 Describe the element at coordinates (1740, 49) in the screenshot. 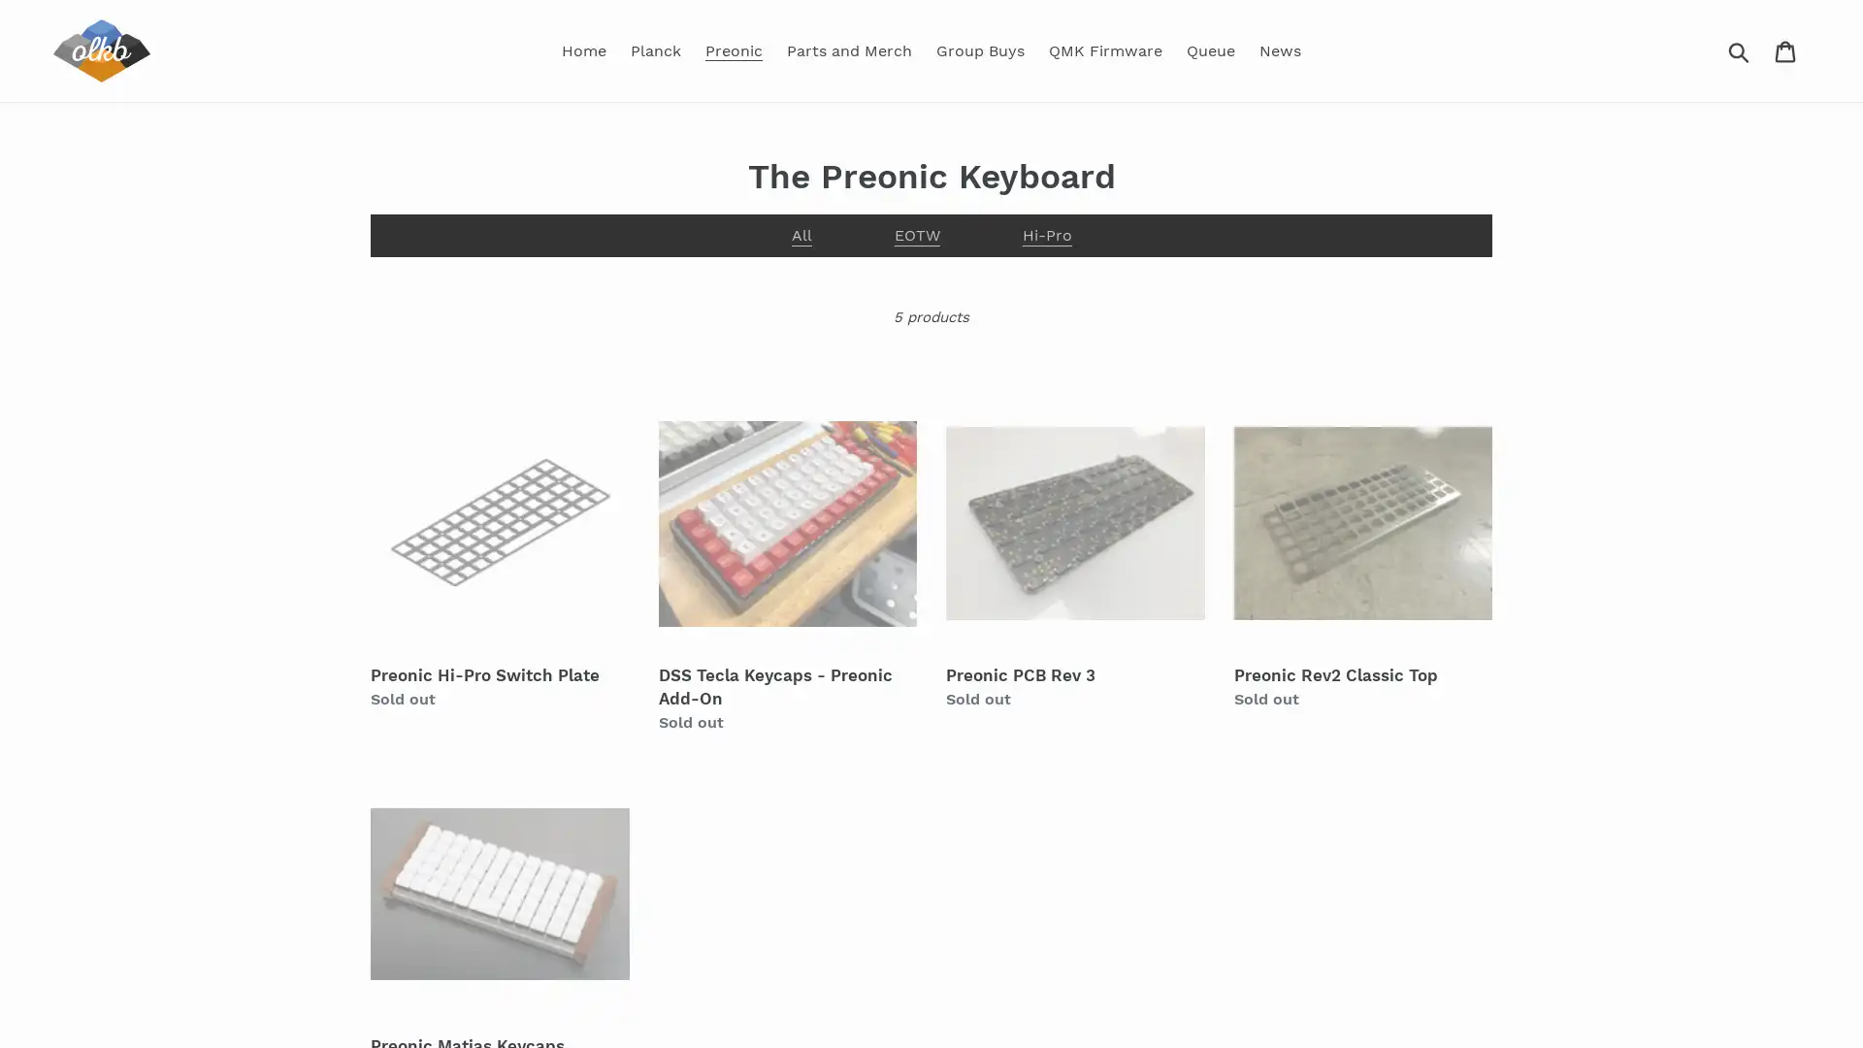

I see `Submit` at that location.